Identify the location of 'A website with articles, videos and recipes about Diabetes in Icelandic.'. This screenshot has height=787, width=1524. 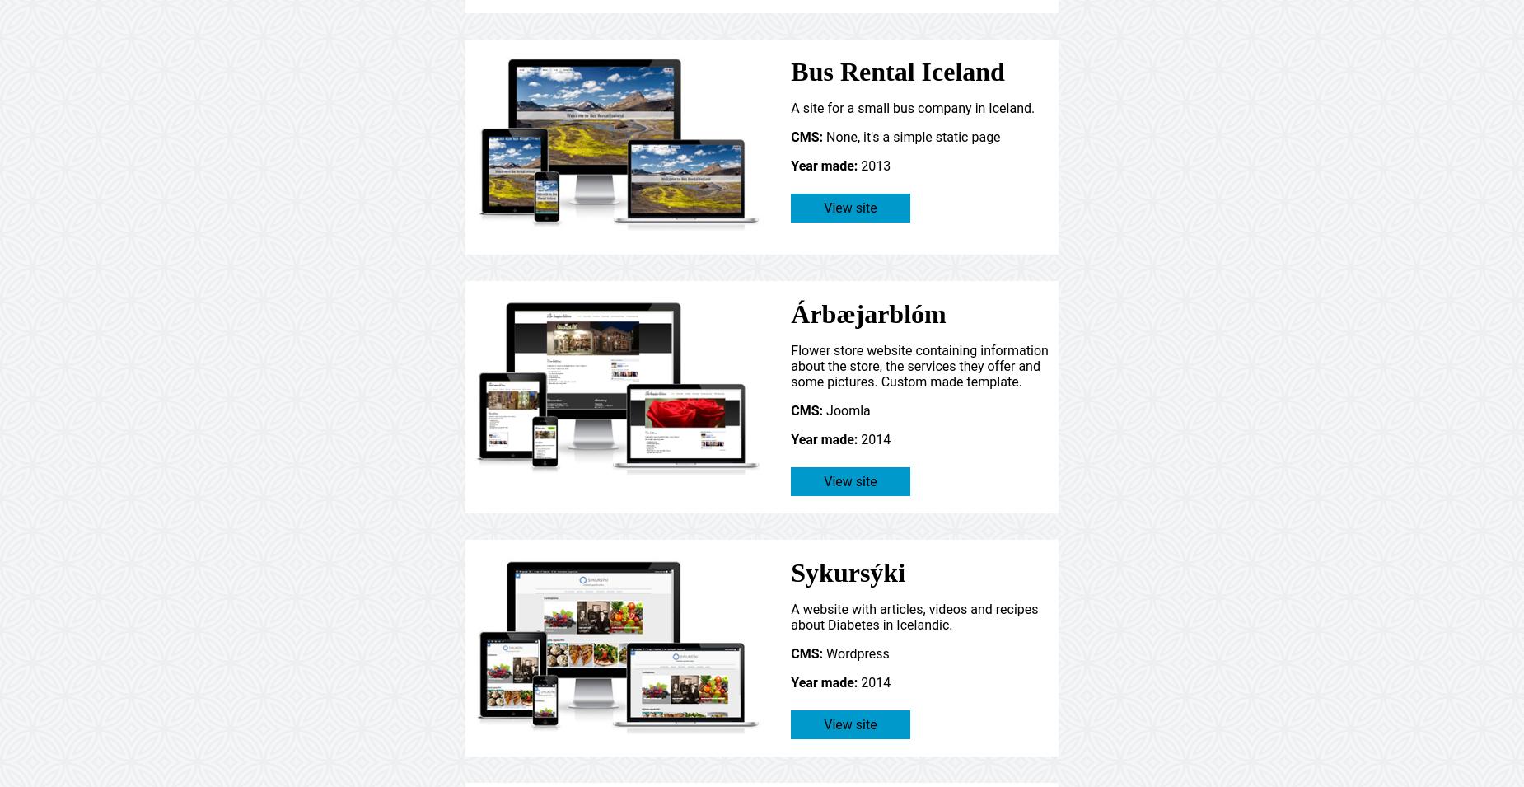
(914, 615).